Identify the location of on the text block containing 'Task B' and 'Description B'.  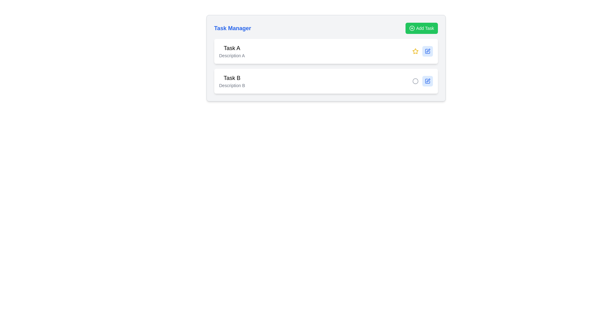
(231, 81).